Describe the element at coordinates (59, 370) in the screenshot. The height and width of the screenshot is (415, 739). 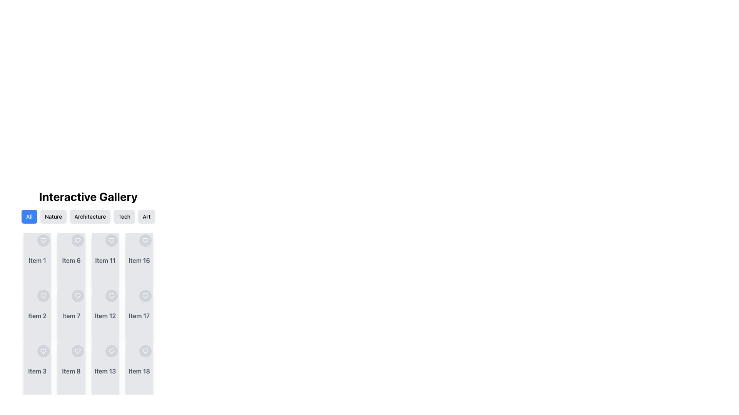
I see `the 'View Details' button which contains the zoom-in icon with a plus sign. This button is located at the bottom-right corner of the 'Item 8' card` at that location.